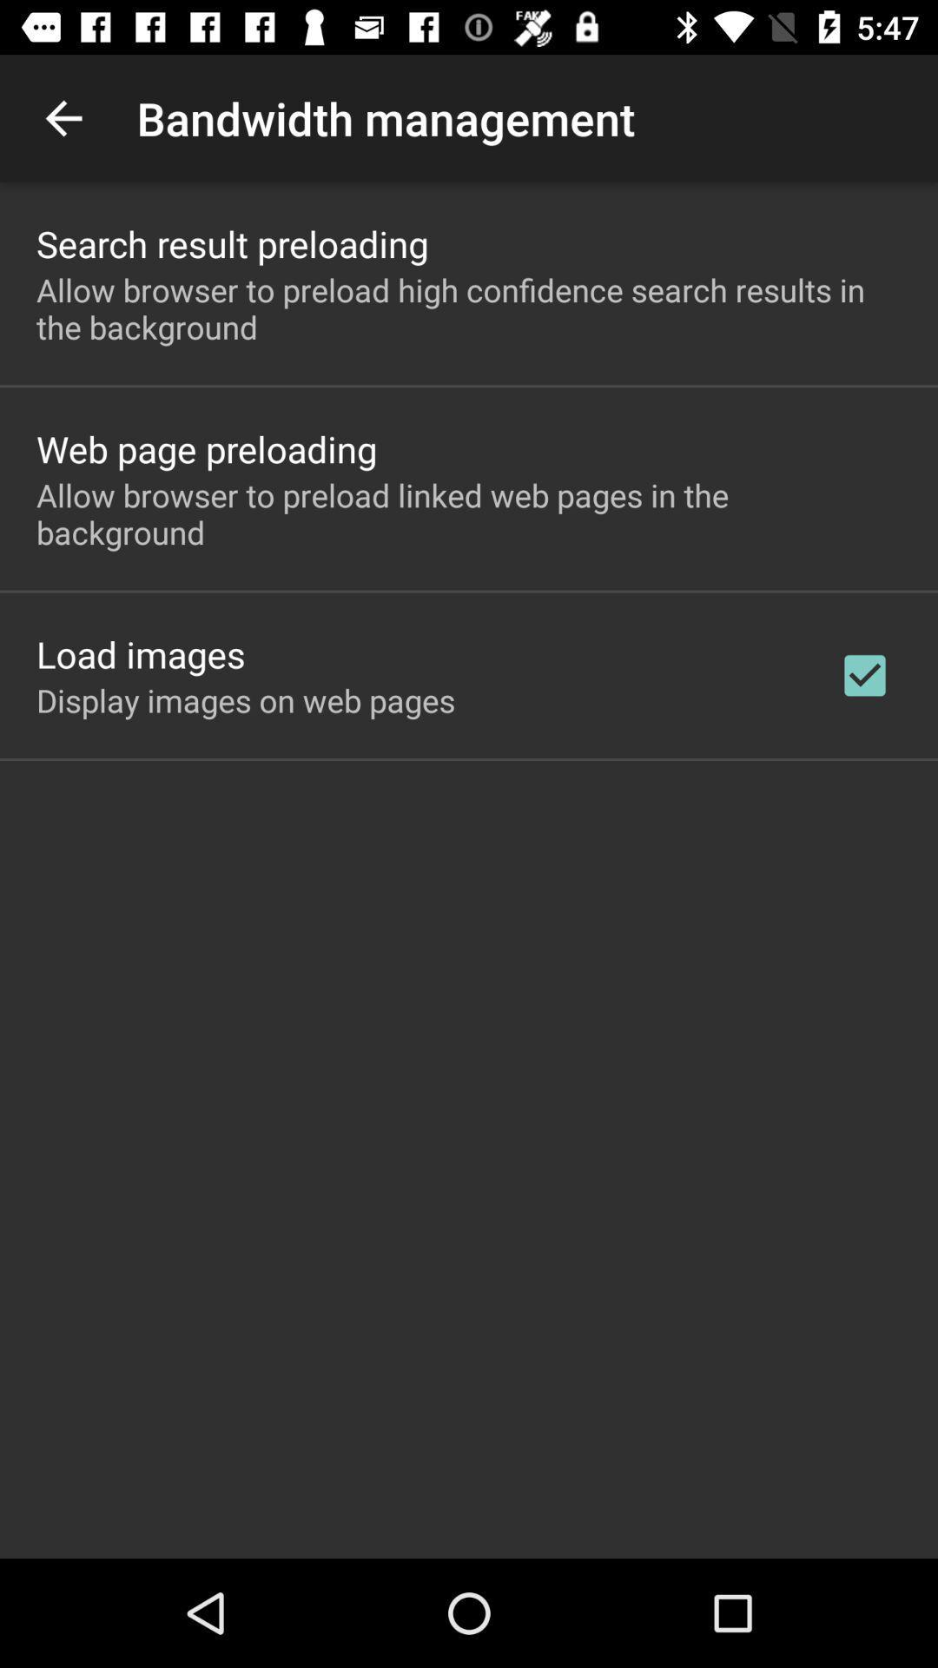  What do you see at coordinates (63, 117) in the screenshot?
I see `the item above the search result preloading` at bounding box center [63, 117].